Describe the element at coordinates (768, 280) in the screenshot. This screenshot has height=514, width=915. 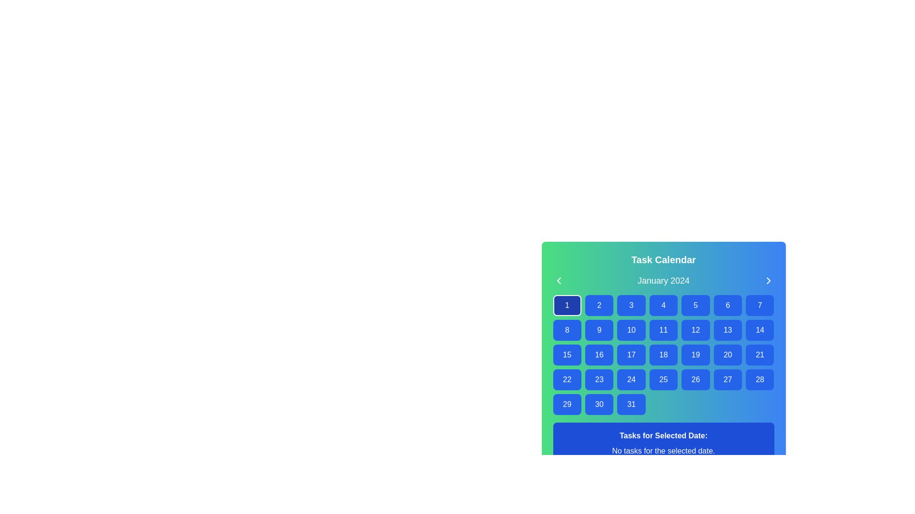
I see `the small right-pointing arrow icon button located in the top-right corner of the 'Task Calendar' UI` at that location.